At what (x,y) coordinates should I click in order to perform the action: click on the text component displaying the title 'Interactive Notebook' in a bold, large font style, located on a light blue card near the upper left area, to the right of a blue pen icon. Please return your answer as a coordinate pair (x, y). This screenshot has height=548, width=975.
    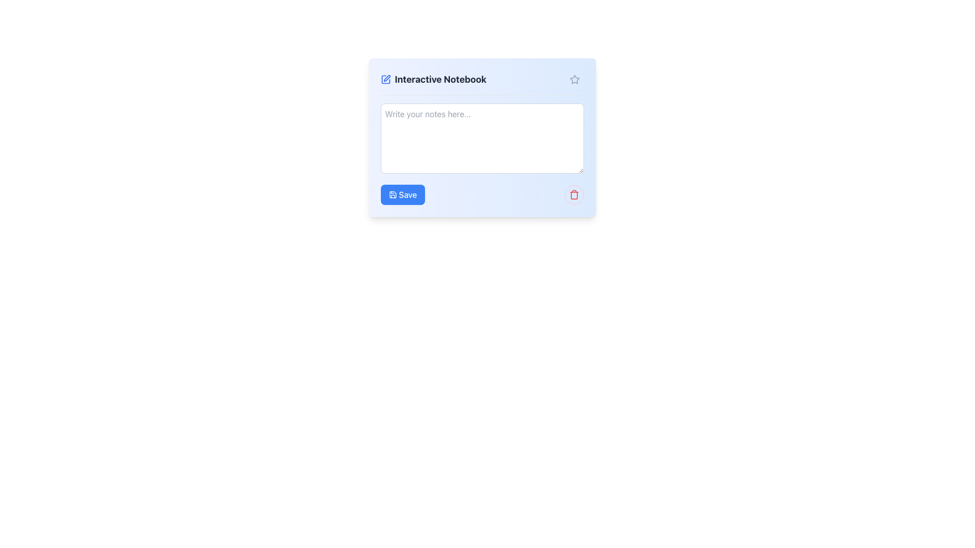
    Looking at the image, I should click on (440, 79).